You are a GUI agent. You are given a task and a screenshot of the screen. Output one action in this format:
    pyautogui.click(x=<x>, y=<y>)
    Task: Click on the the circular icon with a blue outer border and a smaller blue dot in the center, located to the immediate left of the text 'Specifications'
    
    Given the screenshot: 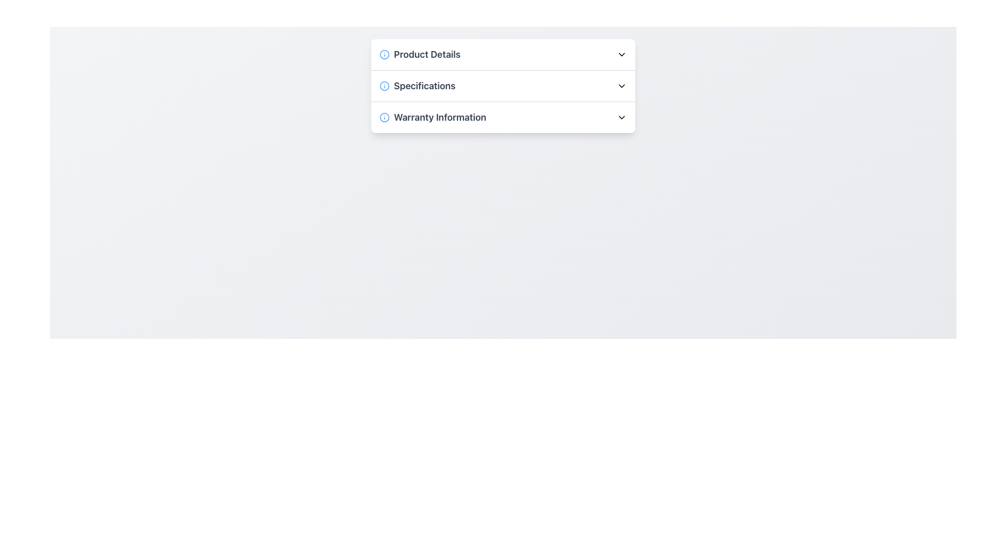 What is the action you would take?
    pyautogui.click(x=384, y=85)
    